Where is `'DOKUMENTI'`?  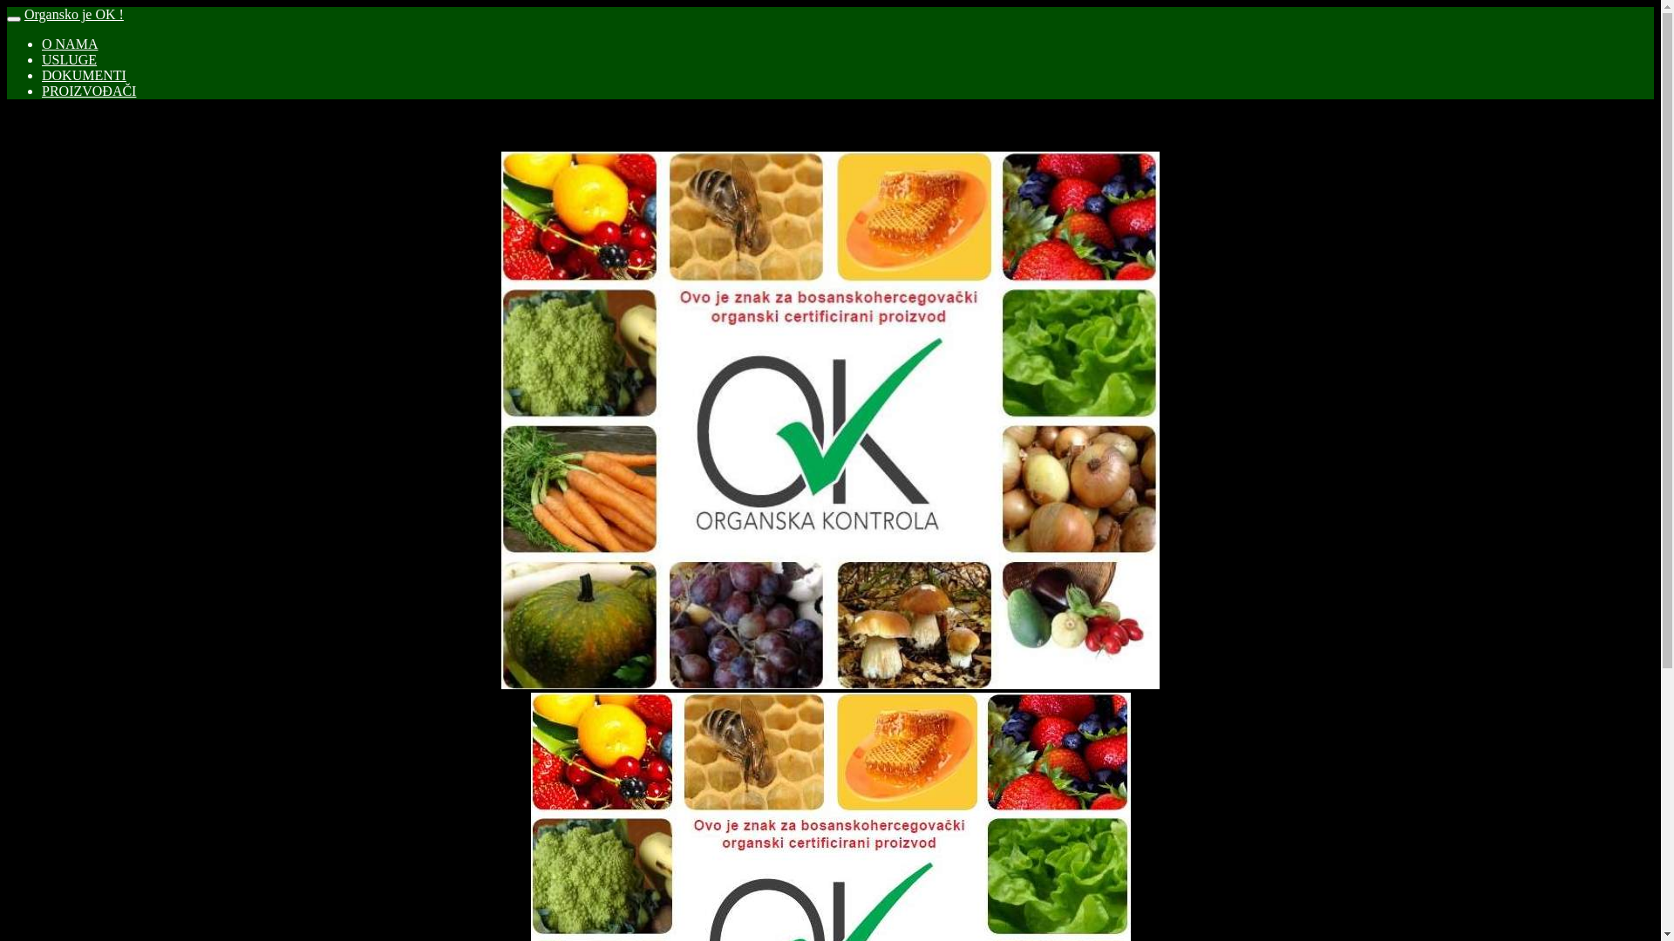
'DOKUMENTI' is located at coordinates (83, 74).